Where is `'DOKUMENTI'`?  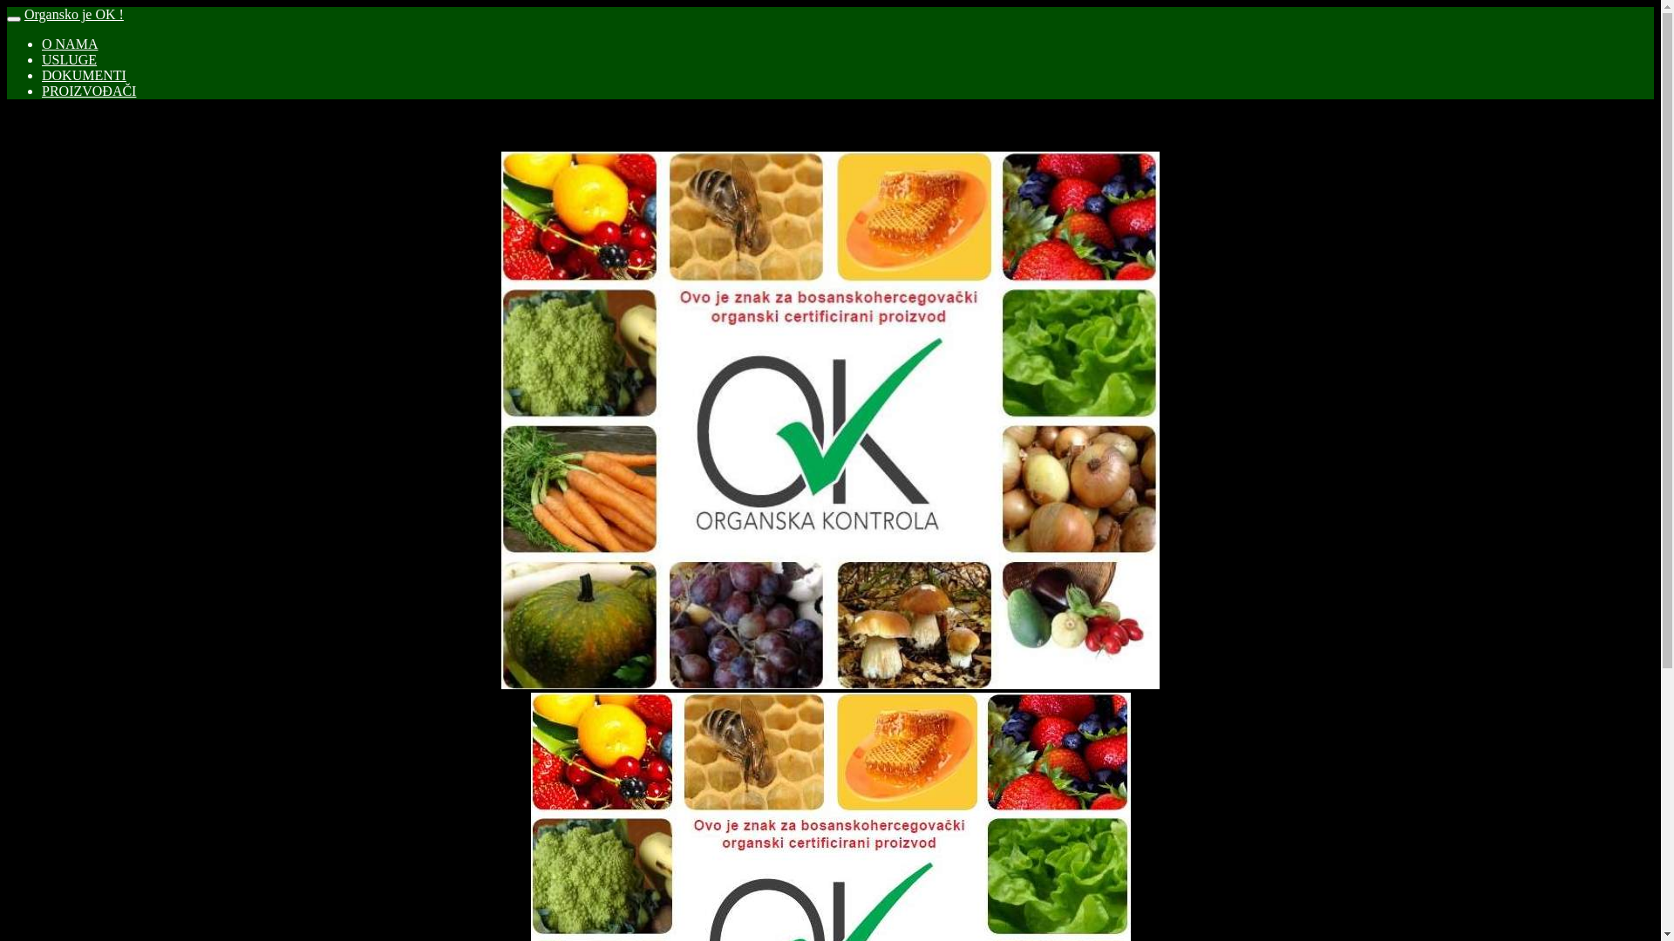
'DOKUMENTI' is located at coordinates (83, 74).